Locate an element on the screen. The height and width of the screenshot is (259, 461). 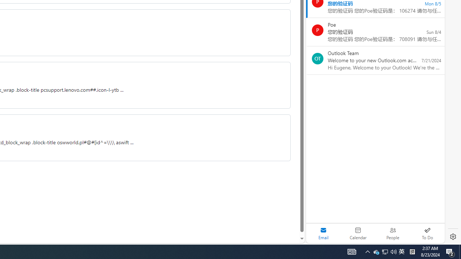
'People' is located at coordinates (392, 233).